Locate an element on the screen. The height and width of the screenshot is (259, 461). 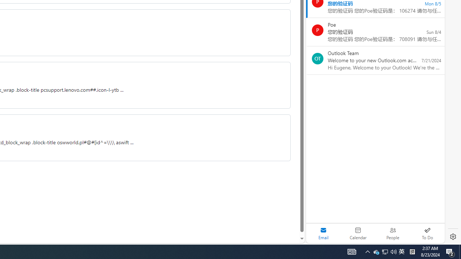
'People' is located at coordinates (392, 233).